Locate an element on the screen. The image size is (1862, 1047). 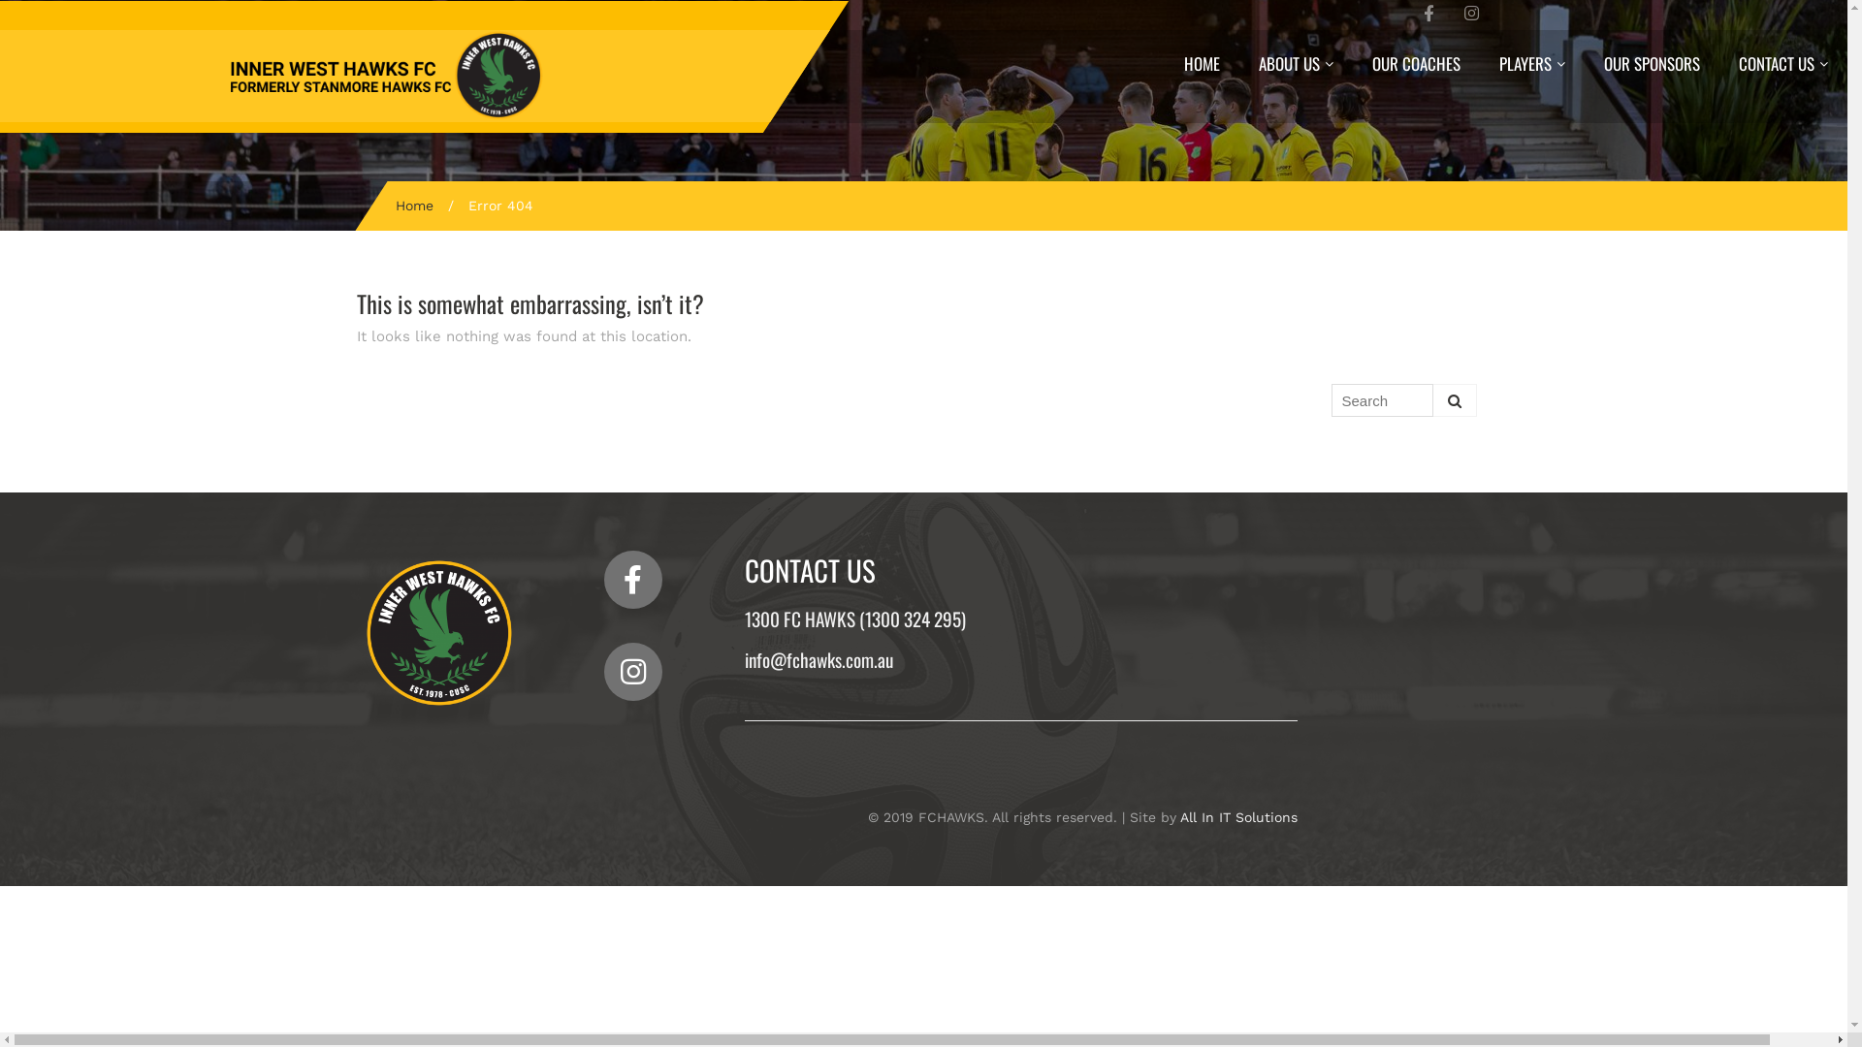
'Search' is located at coordinates (1455, 398).